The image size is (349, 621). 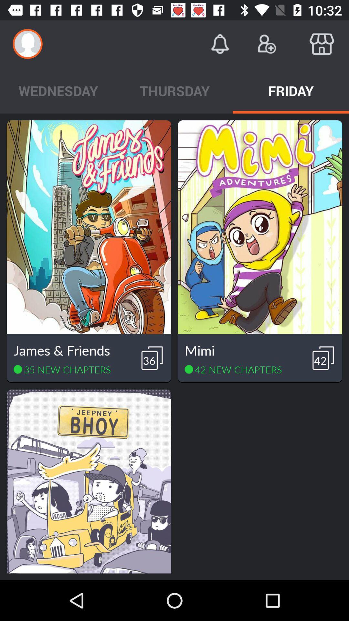 I want to click on the app next to friday  icon, so click(x=174, y=90).